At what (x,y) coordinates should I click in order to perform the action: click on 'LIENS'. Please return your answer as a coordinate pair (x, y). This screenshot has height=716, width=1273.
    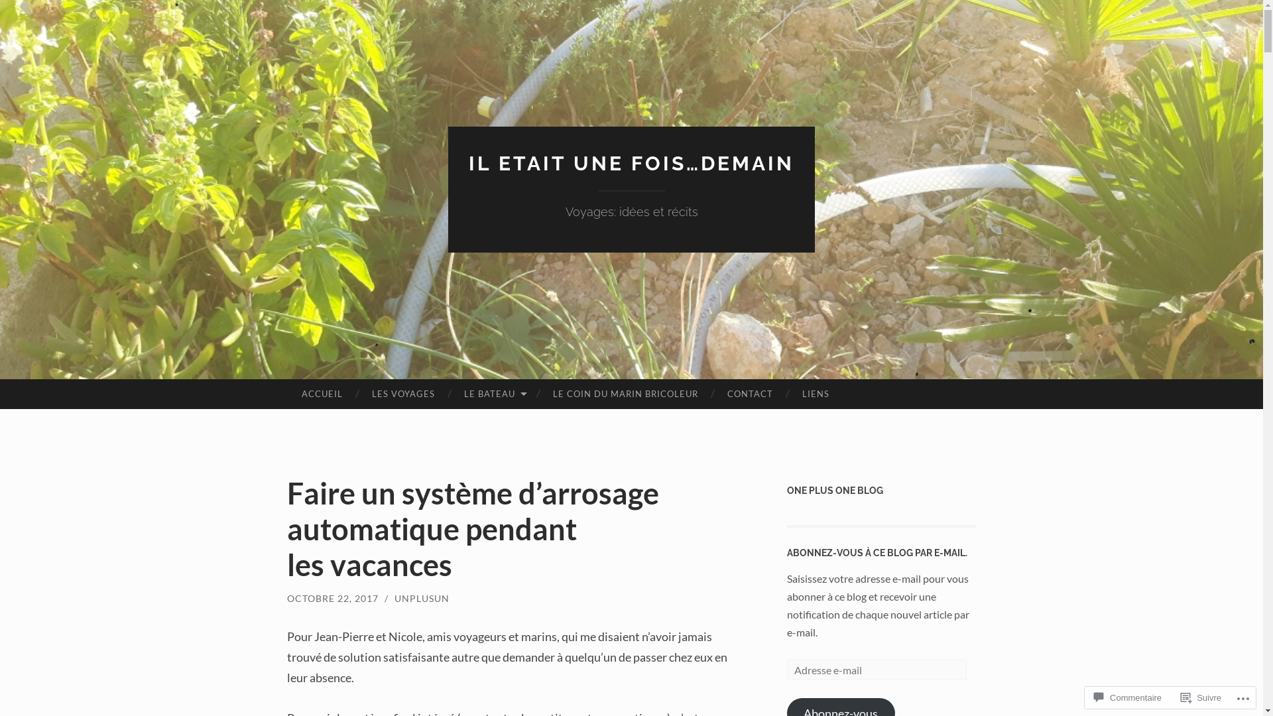
    Looking at the image, I should click on (815, 393).